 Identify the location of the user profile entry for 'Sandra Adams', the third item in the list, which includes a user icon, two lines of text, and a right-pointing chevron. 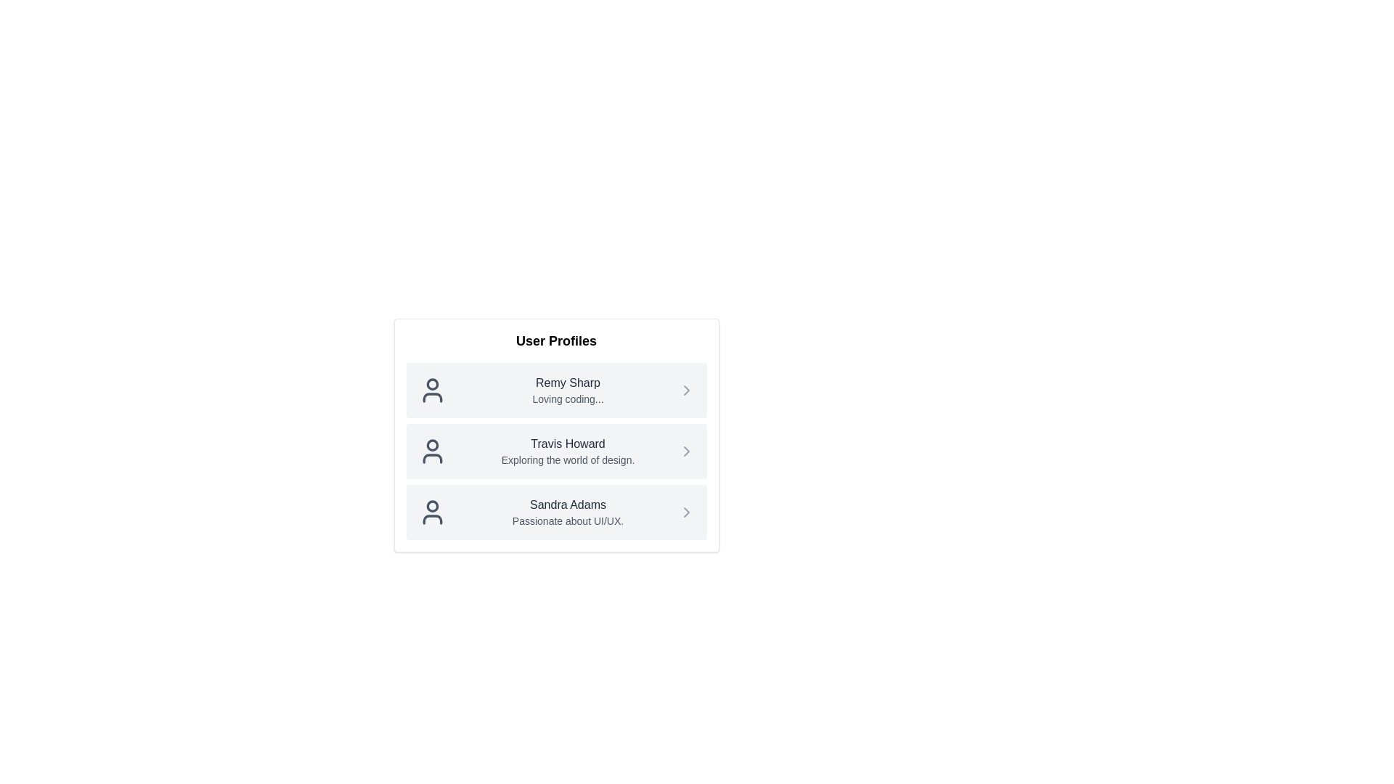
(567, 511).